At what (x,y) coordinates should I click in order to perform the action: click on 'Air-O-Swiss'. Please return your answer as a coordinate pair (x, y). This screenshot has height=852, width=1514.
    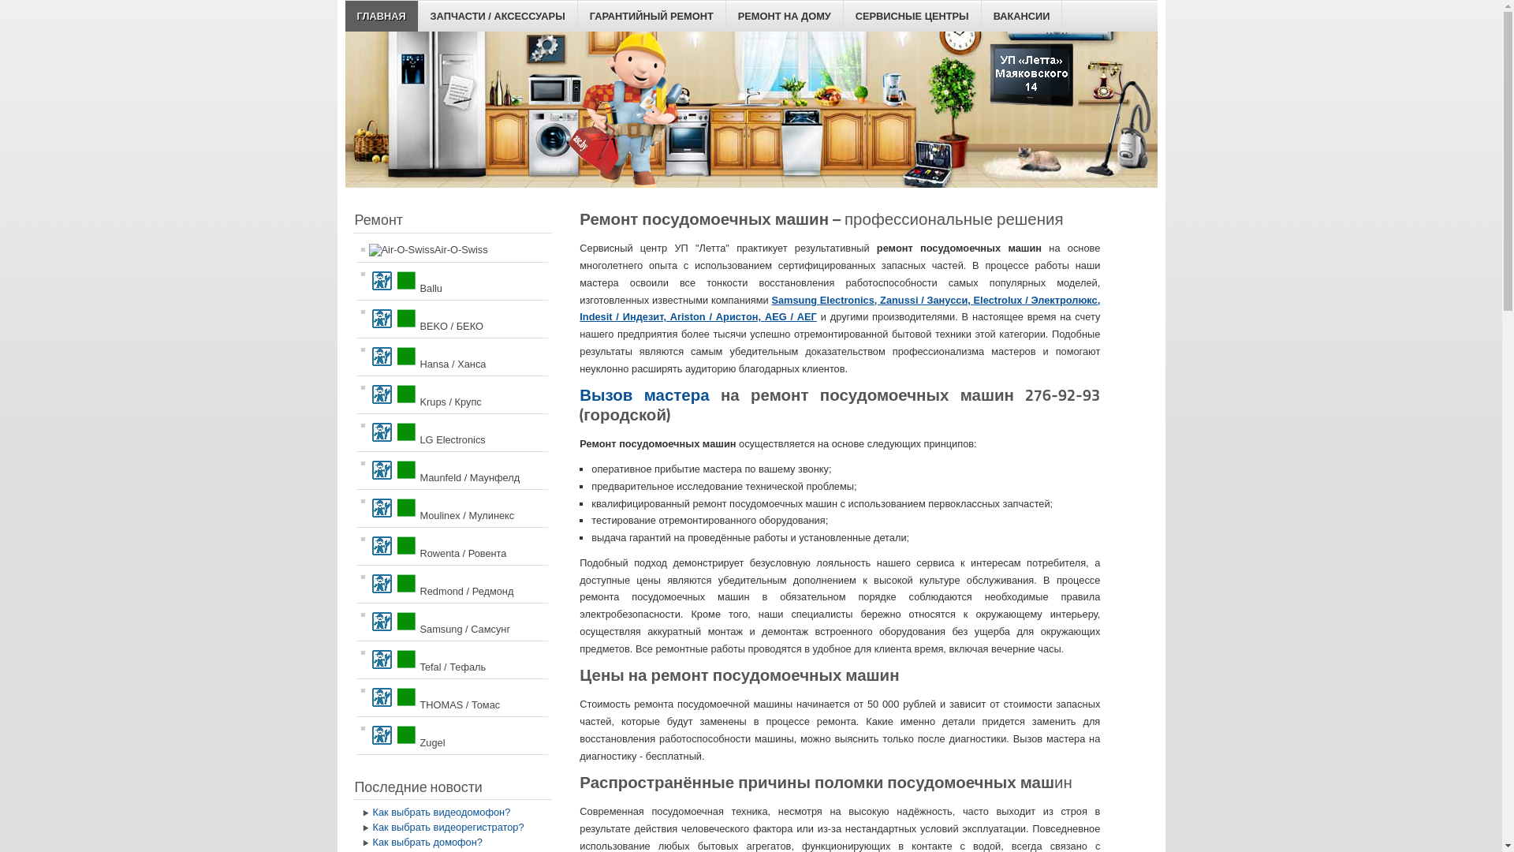
    Looking at the image, I should click on (355, 248).